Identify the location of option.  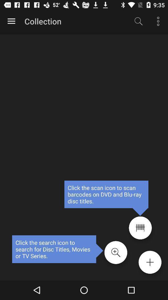
(150, 262).